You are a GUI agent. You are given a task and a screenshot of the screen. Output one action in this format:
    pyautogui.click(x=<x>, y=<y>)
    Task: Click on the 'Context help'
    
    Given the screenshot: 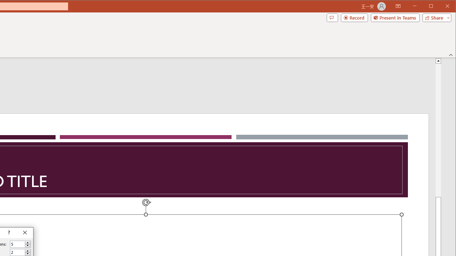 What is the action you would take?
    pyautogui.click(x=8, y=233)
    